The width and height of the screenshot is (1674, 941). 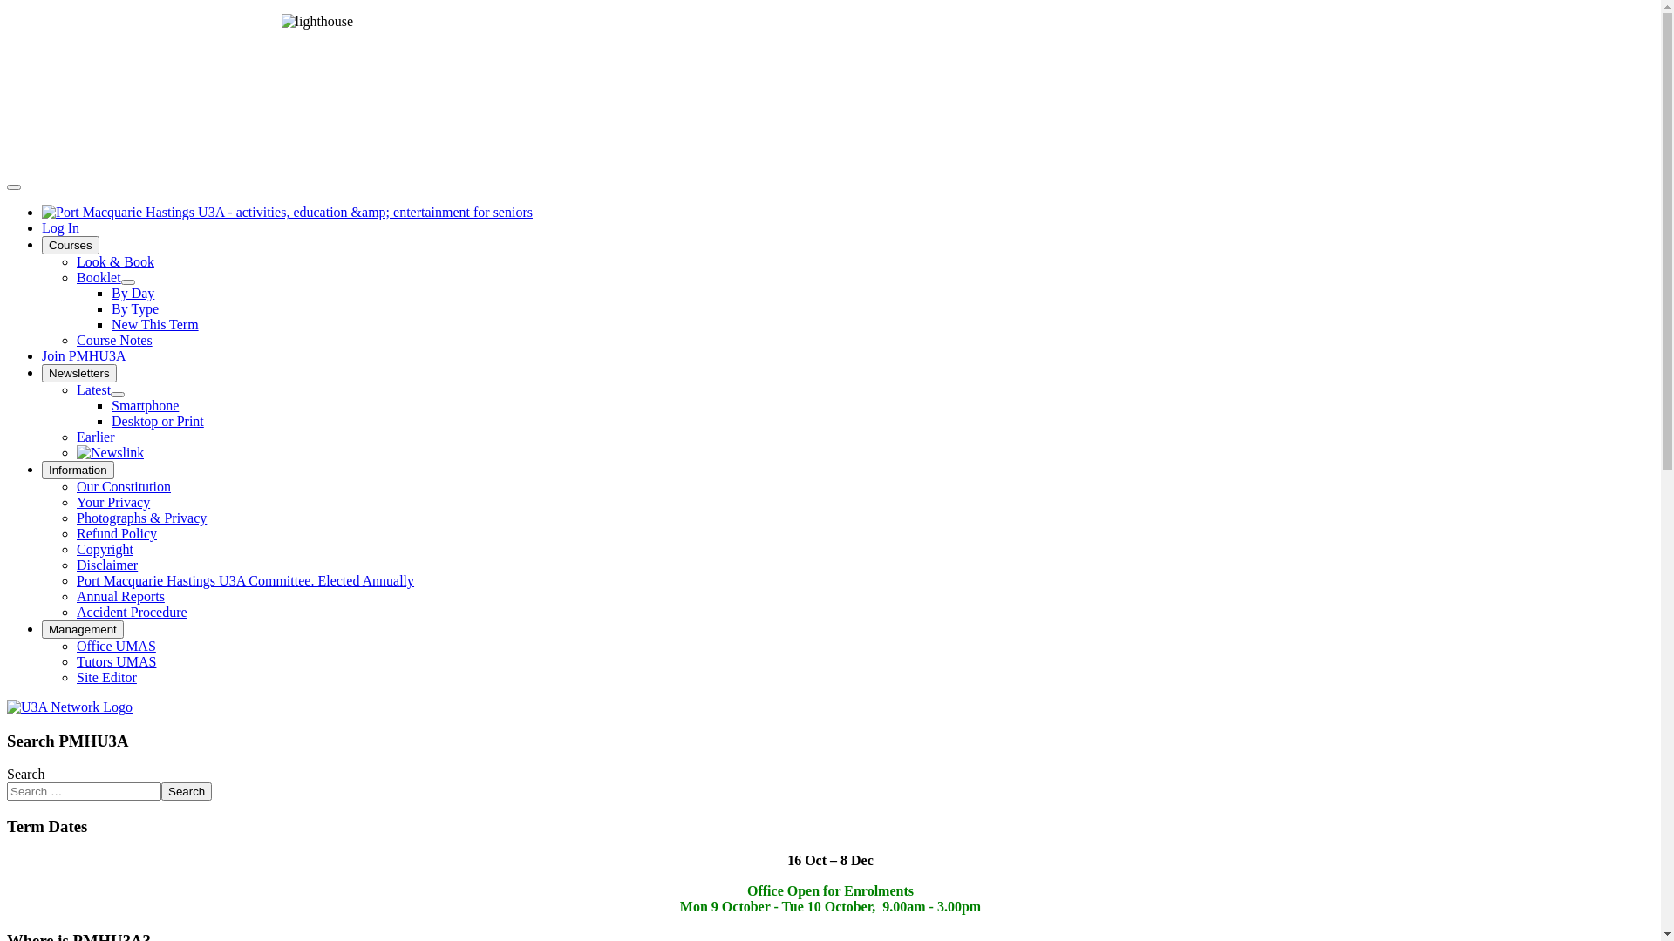 What do you see at coordinates (114, 261) in the screenshot?
I see `'Look & Book'` at bounding box center [114, 261].